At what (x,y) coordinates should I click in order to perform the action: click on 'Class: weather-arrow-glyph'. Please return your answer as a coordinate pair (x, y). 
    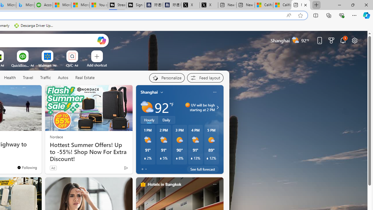
    Looking at the image, I should click on (217, 107).